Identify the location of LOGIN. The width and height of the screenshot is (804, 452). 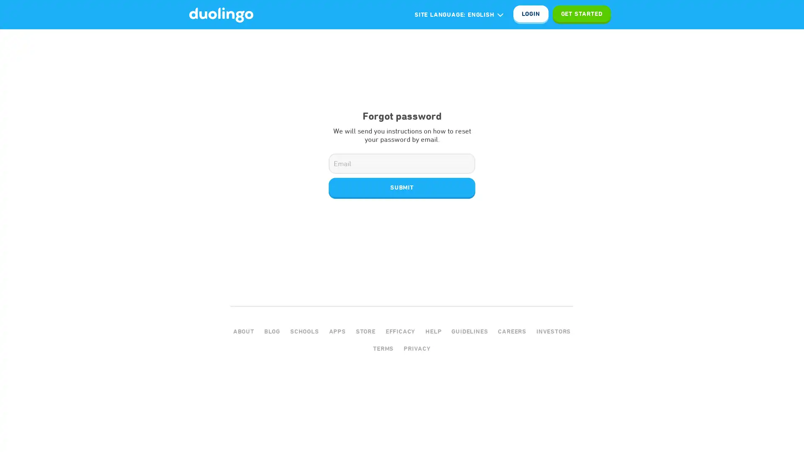
(530, 14).